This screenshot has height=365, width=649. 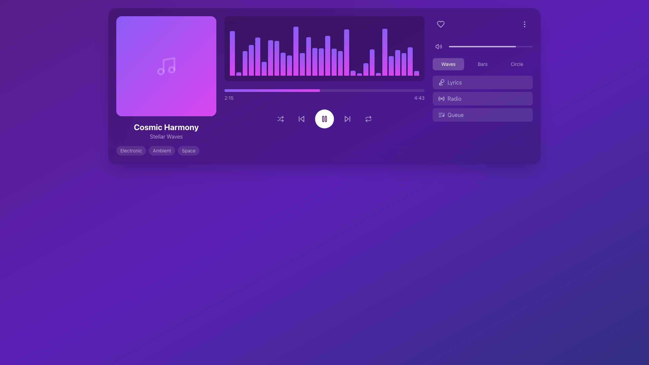 What do you see at coordinates (301, 118) in the screenshot?
I see `the backward media control button, which is the second button from the left in a row of controls beneath a progress bar and sound visualization graph, to observe its hover effect` at bounding box center [301, 118].